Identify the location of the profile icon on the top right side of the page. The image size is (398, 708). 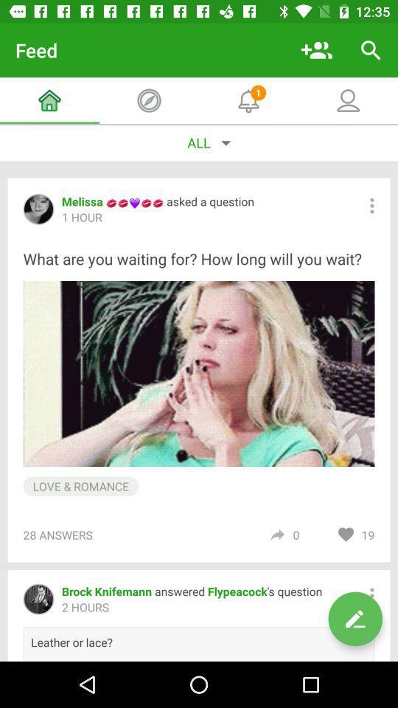
(348, 100).